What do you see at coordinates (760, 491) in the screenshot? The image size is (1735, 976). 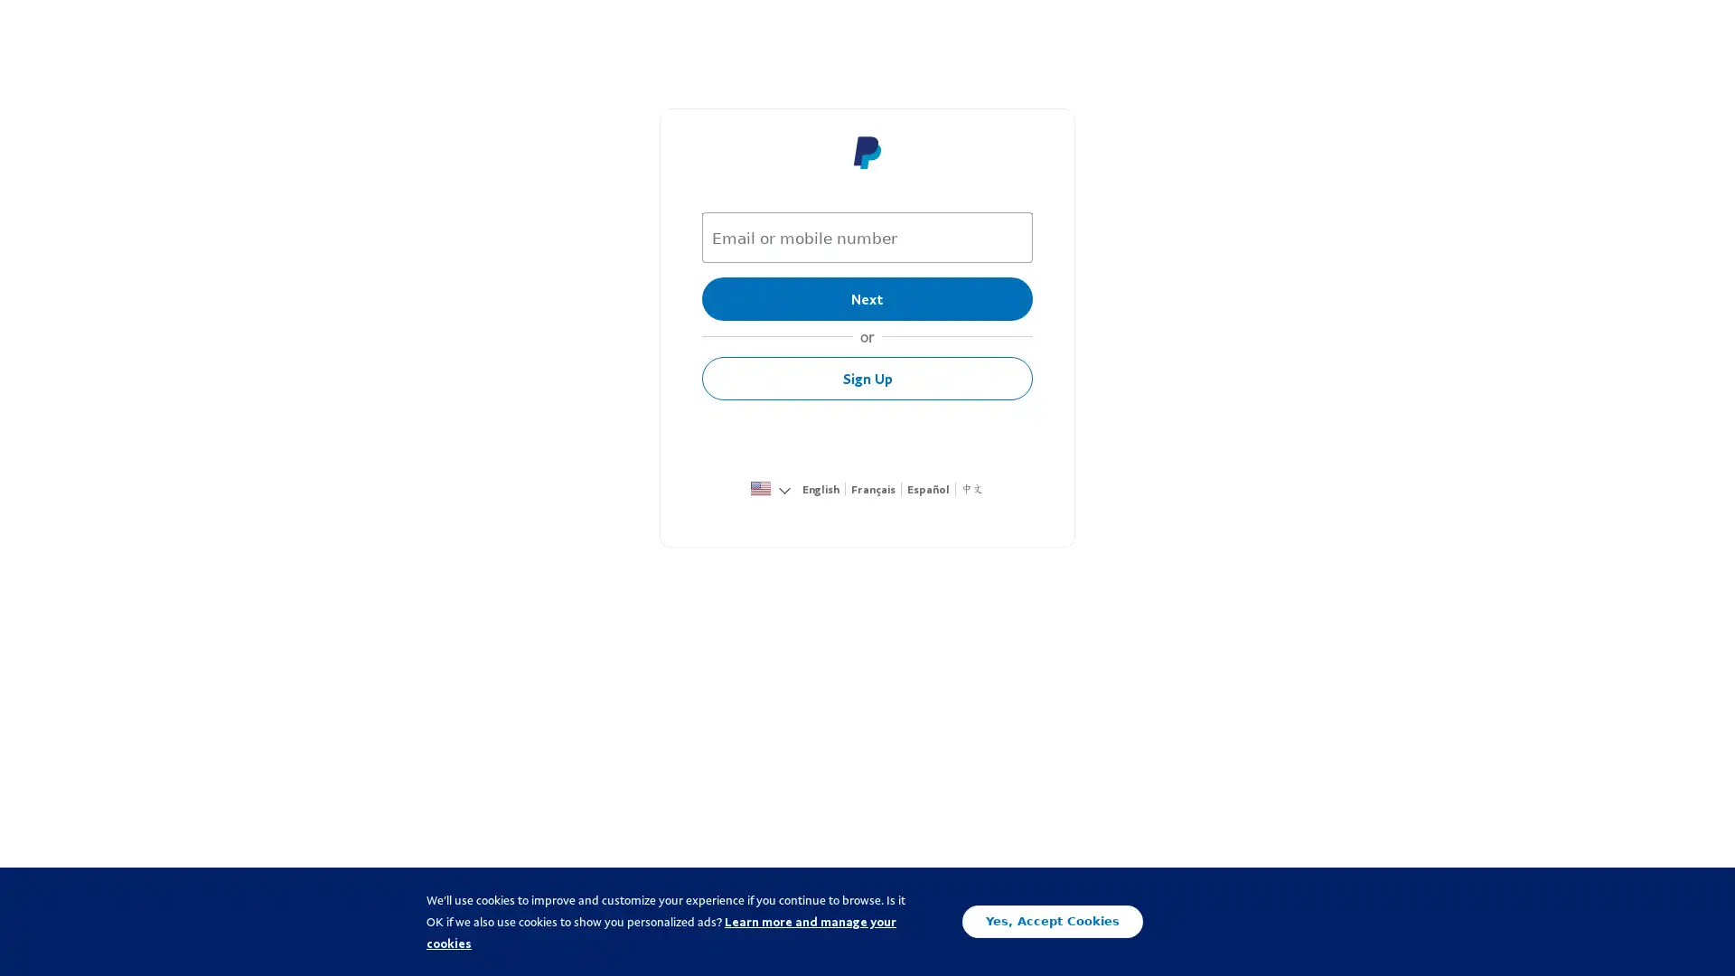 I see `United States` at bounding box center [760, 491].